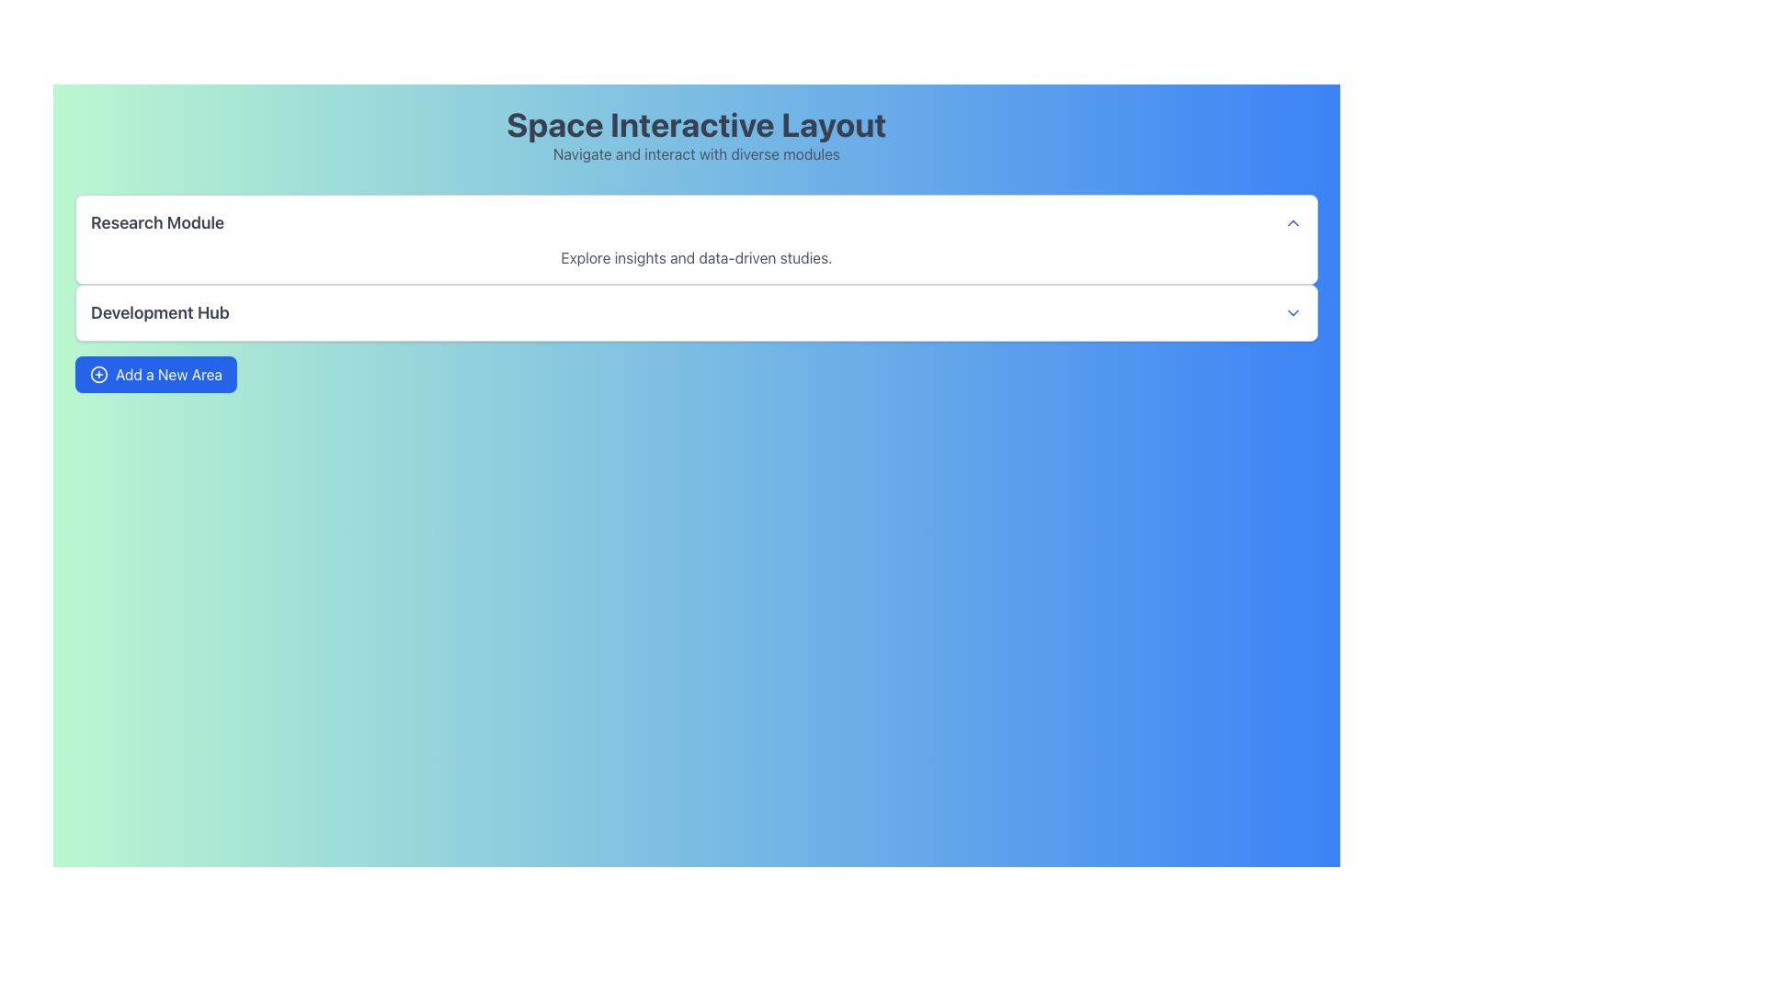  I want to click on the icon associated with the 'Add a New Area' button, so click(98, 374).